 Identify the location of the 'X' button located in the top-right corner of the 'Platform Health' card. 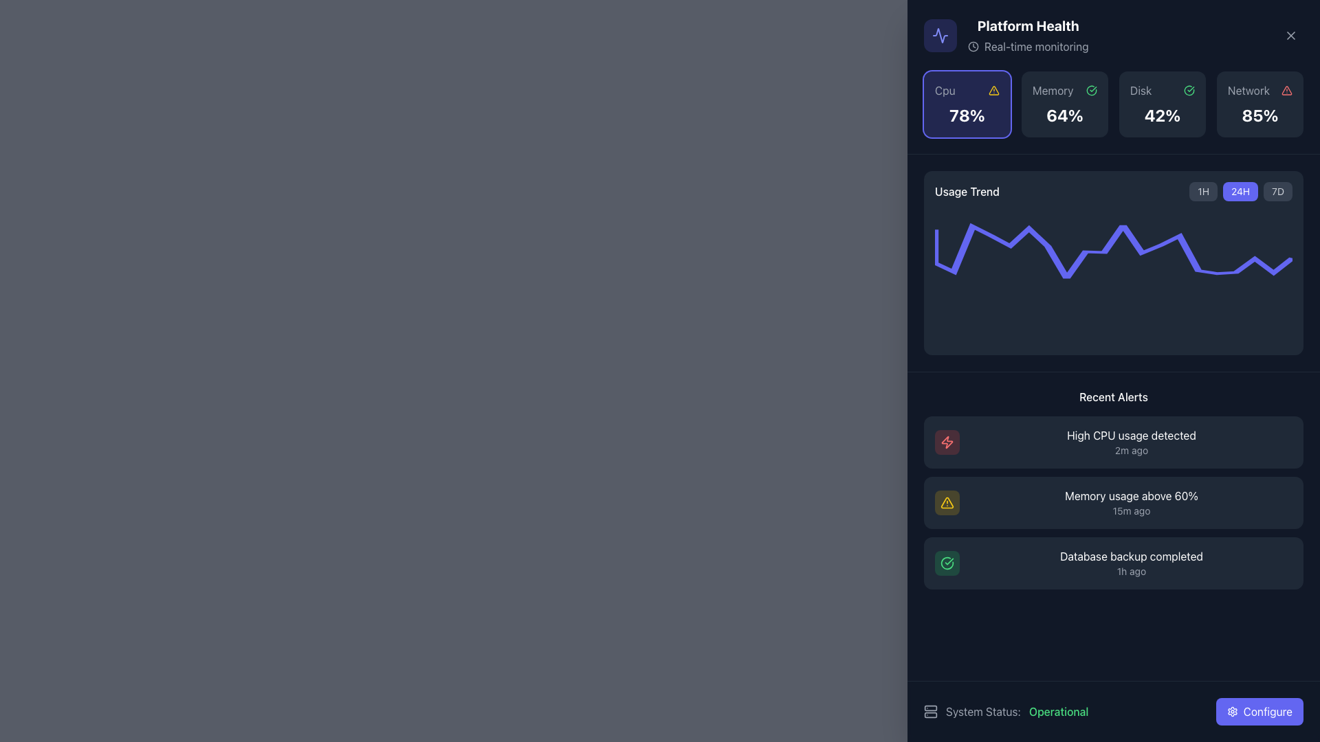
(1290, 34).